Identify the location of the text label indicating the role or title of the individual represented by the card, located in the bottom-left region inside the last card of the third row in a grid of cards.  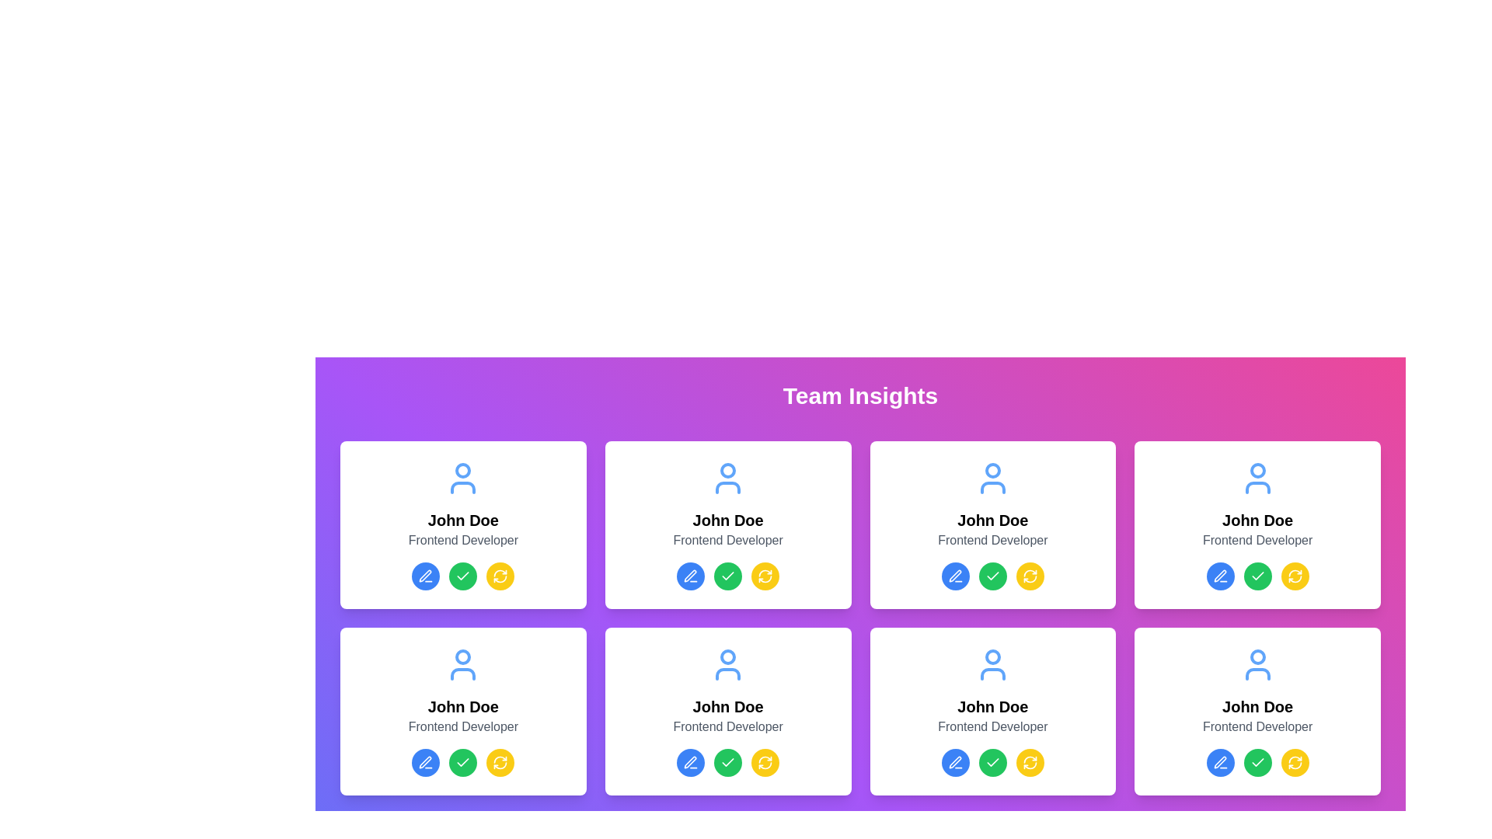
(992, 727).